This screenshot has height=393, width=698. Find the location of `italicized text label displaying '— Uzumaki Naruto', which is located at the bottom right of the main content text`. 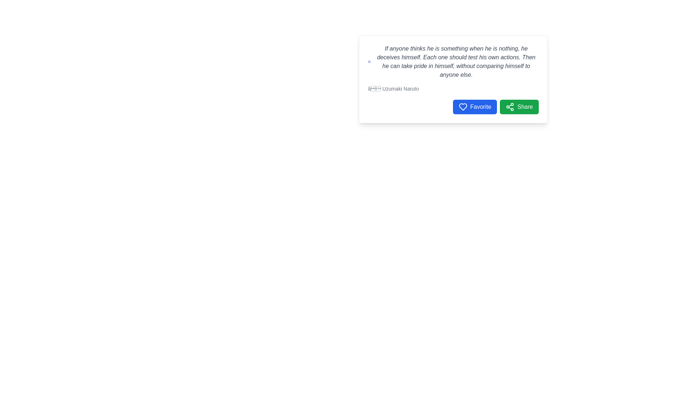

italicized text label displaying '— Uzumaki Naruto', which is located at the bottom right of the main content text is located at coordinates (393, 88).